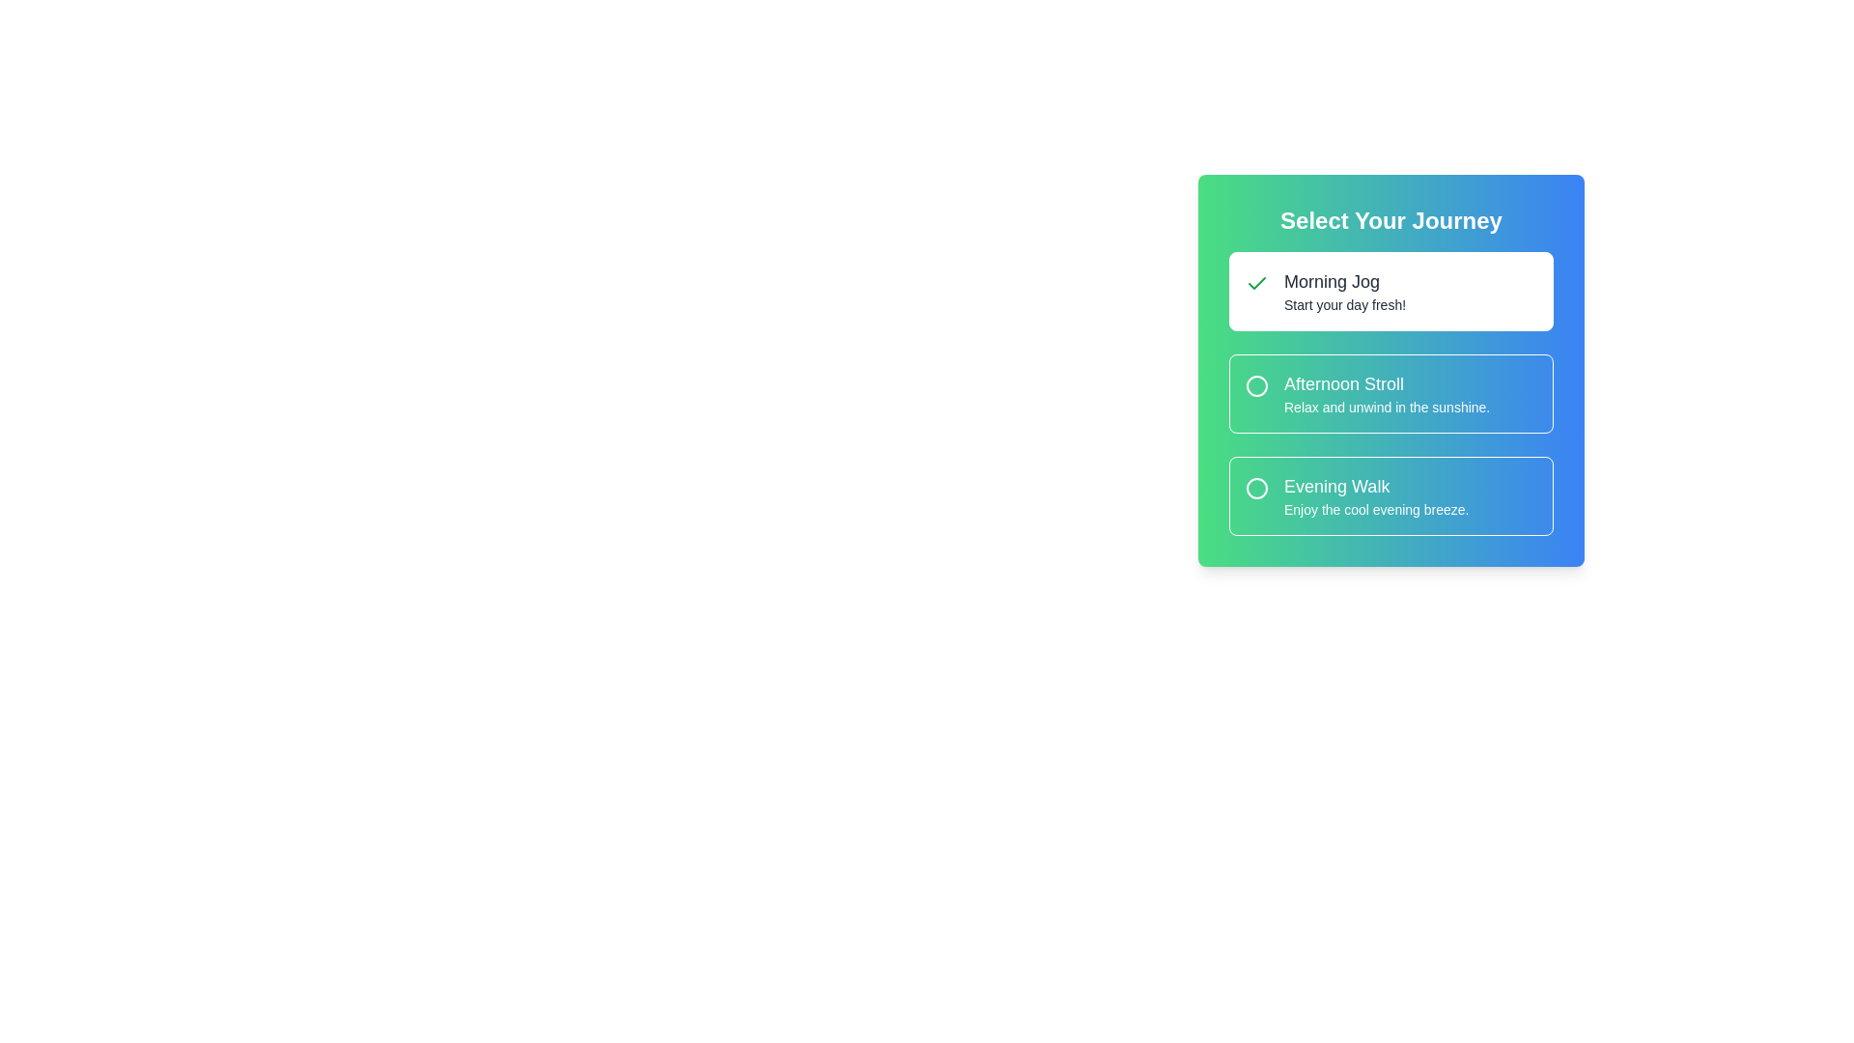 The image size is (1854, 1043). Describe the element at coordinates (1256, 487) in the screenshot. I see `the circular marker associated with the 'Evening Walk' option, which is located at the top-left corner of the option card` at that location.